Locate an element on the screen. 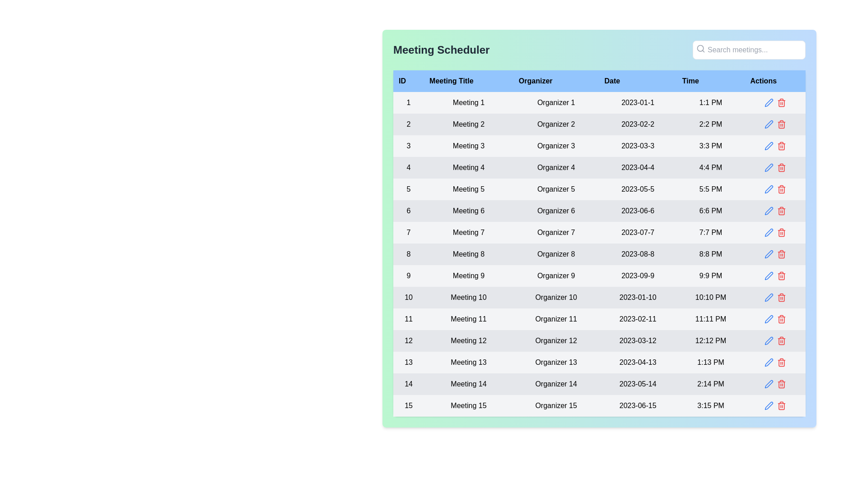 This screenshot has width=867, height=487. the delete button with a trash bin icon located in the 'Actions' column of the 8th row to possibly show additional information or confirmation prompt is located at coordinates (781, 254).